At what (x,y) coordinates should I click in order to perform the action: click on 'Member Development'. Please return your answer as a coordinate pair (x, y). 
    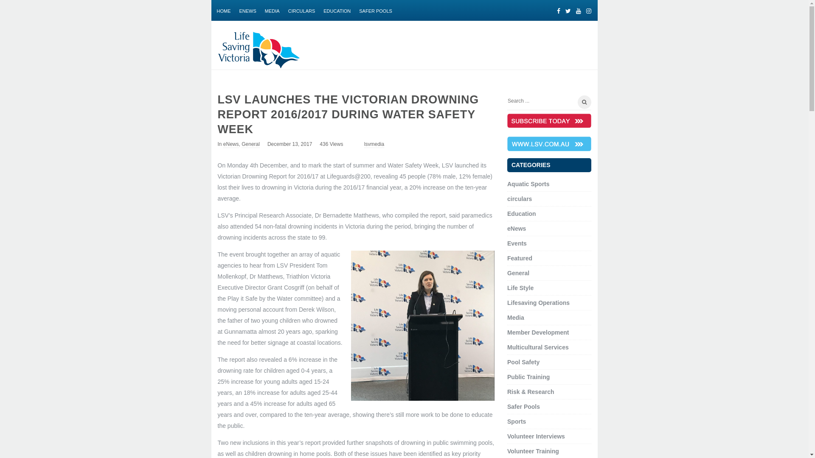
    Looking at the image, I should click on (507, 332).